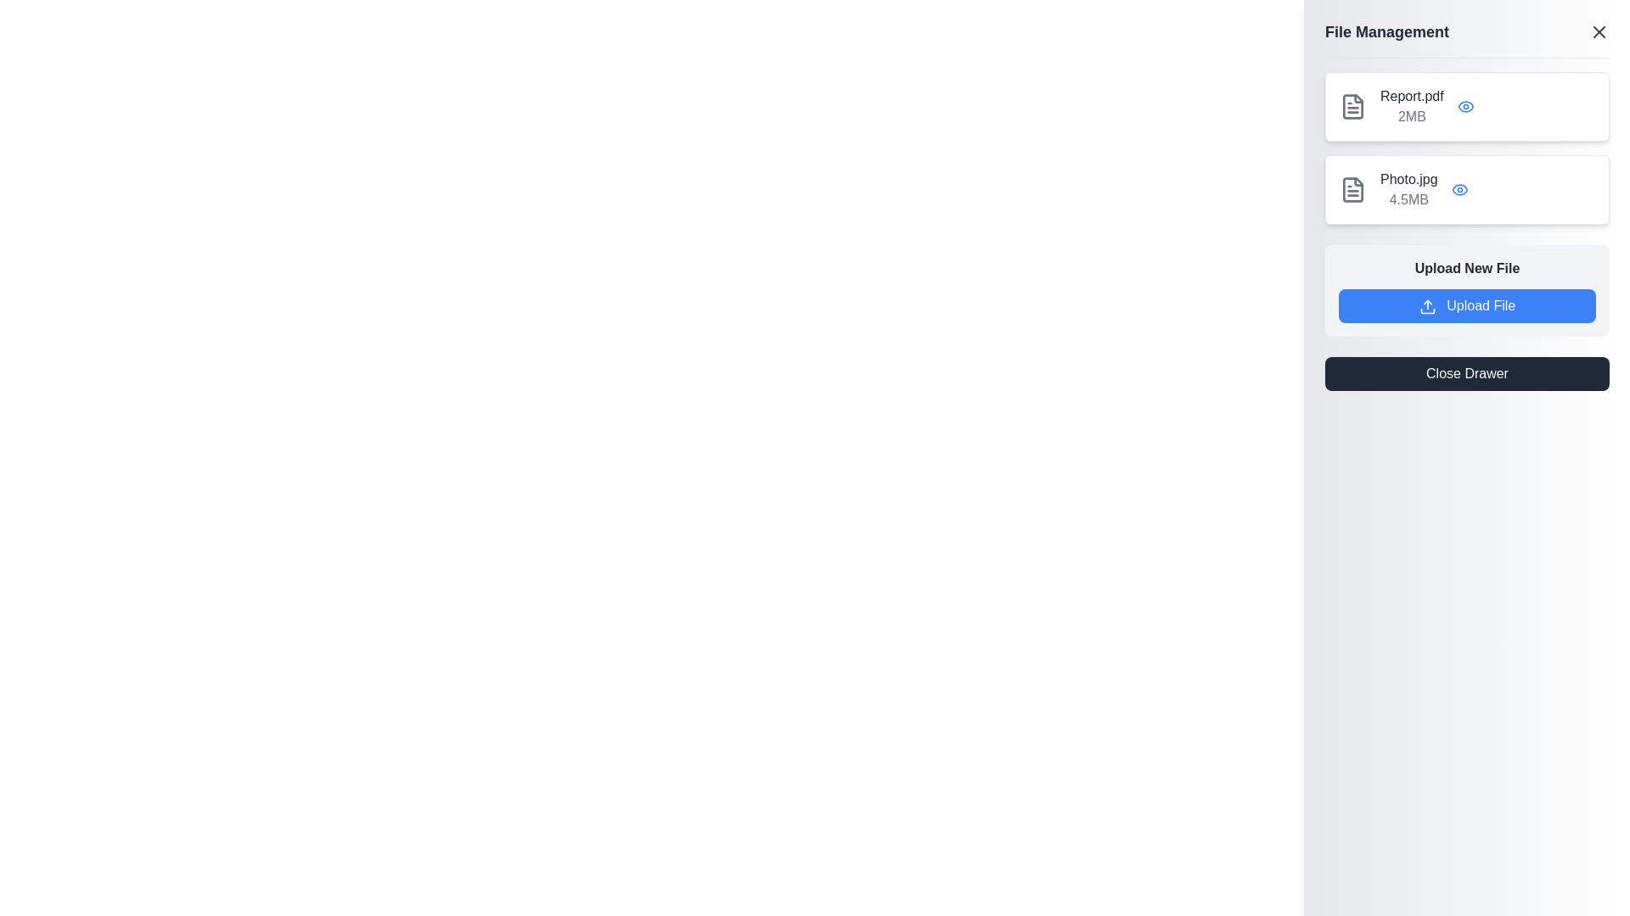  What do you see at coordinates (1408, 189) in the screenshot?
I see `the text label displaying the filename 'Photo.jpg' and its size '4.5MB', located on the right-side panel under the header 'File Management', as the second item in the file list` at bounding box center [1408, 189].